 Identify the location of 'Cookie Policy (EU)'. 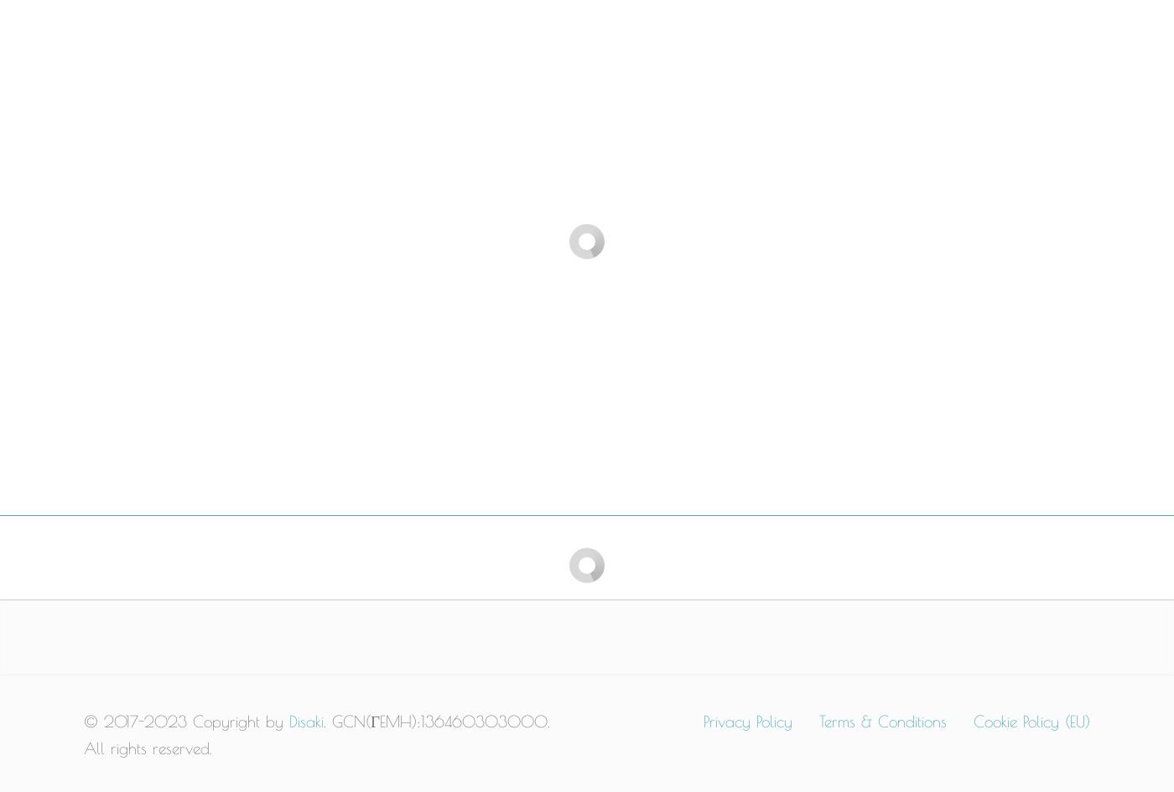
(1031, 721).